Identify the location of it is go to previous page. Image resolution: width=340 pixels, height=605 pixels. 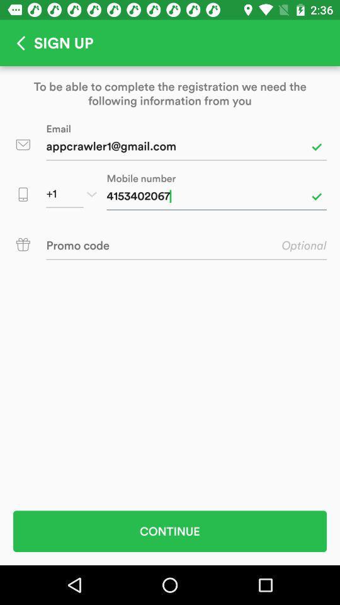
(16, 43).